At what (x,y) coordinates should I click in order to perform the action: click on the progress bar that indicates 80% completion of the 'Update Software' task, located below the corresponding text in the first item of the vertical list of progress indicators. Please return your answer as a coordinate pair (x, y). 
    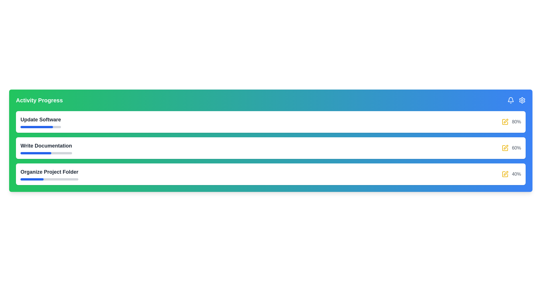
    Looking at the image, I should click on (40, 127).